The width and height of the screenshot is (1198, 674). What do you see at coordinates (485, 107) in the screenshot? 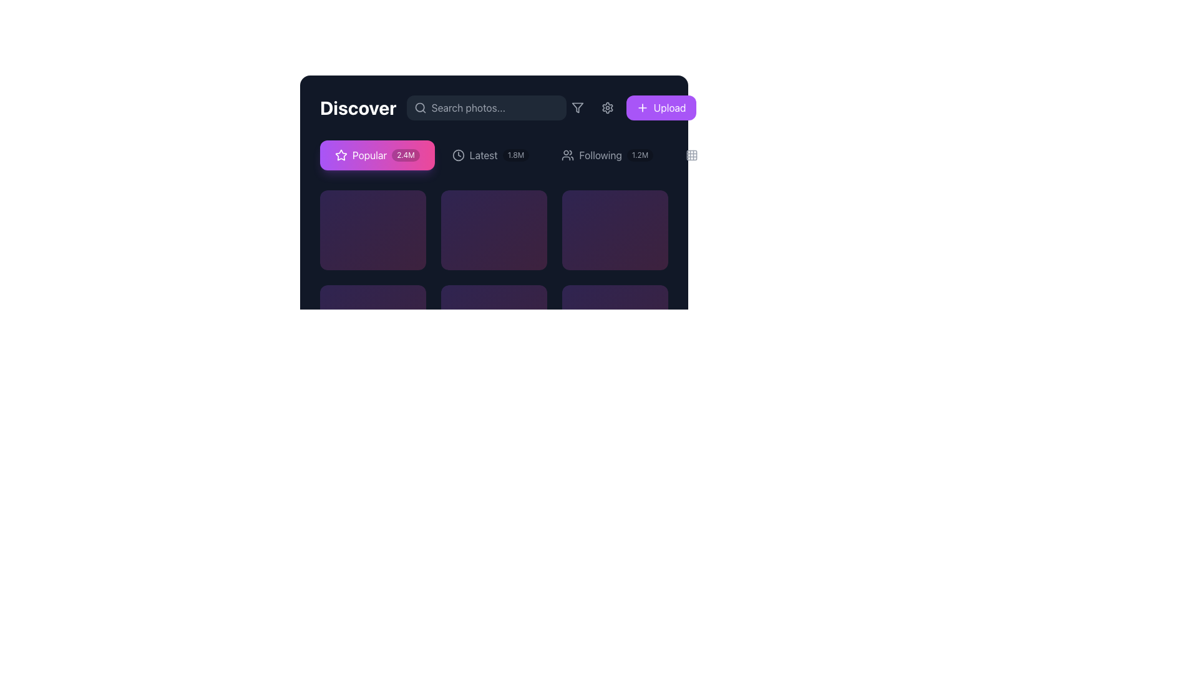
I see `the search bar input located between the 'Discover' title and icons/buttons` at bounding box center [485, 107].